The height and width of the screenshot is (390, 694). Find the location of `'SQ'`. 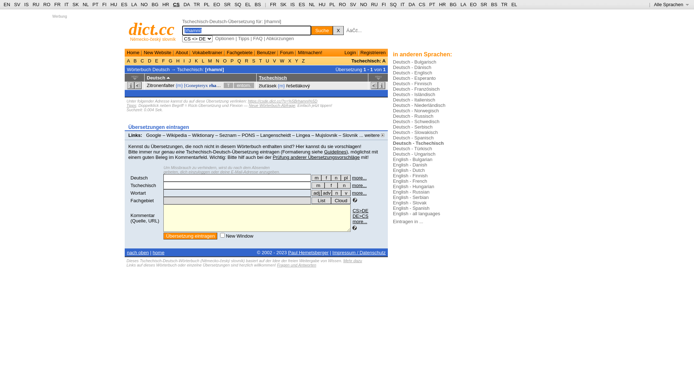

'SQ' is located at coordinates (238, 4).